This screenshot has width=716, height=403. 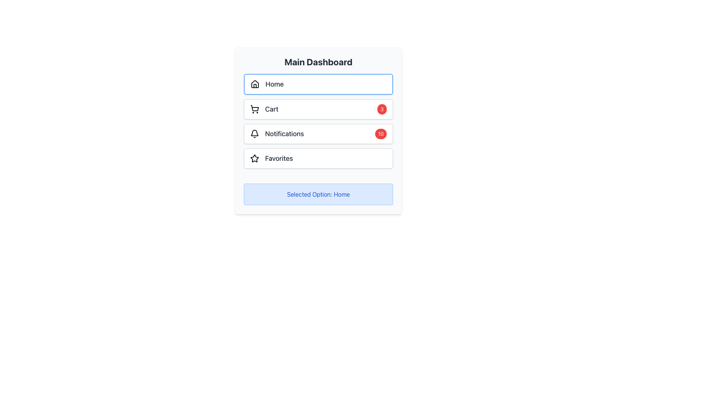 I want to click on the simplified house icon represented by an outline with a triangular roof and rectangular base, located within the 'Home' button in the dashboard interface, so click(x=255, y=84).